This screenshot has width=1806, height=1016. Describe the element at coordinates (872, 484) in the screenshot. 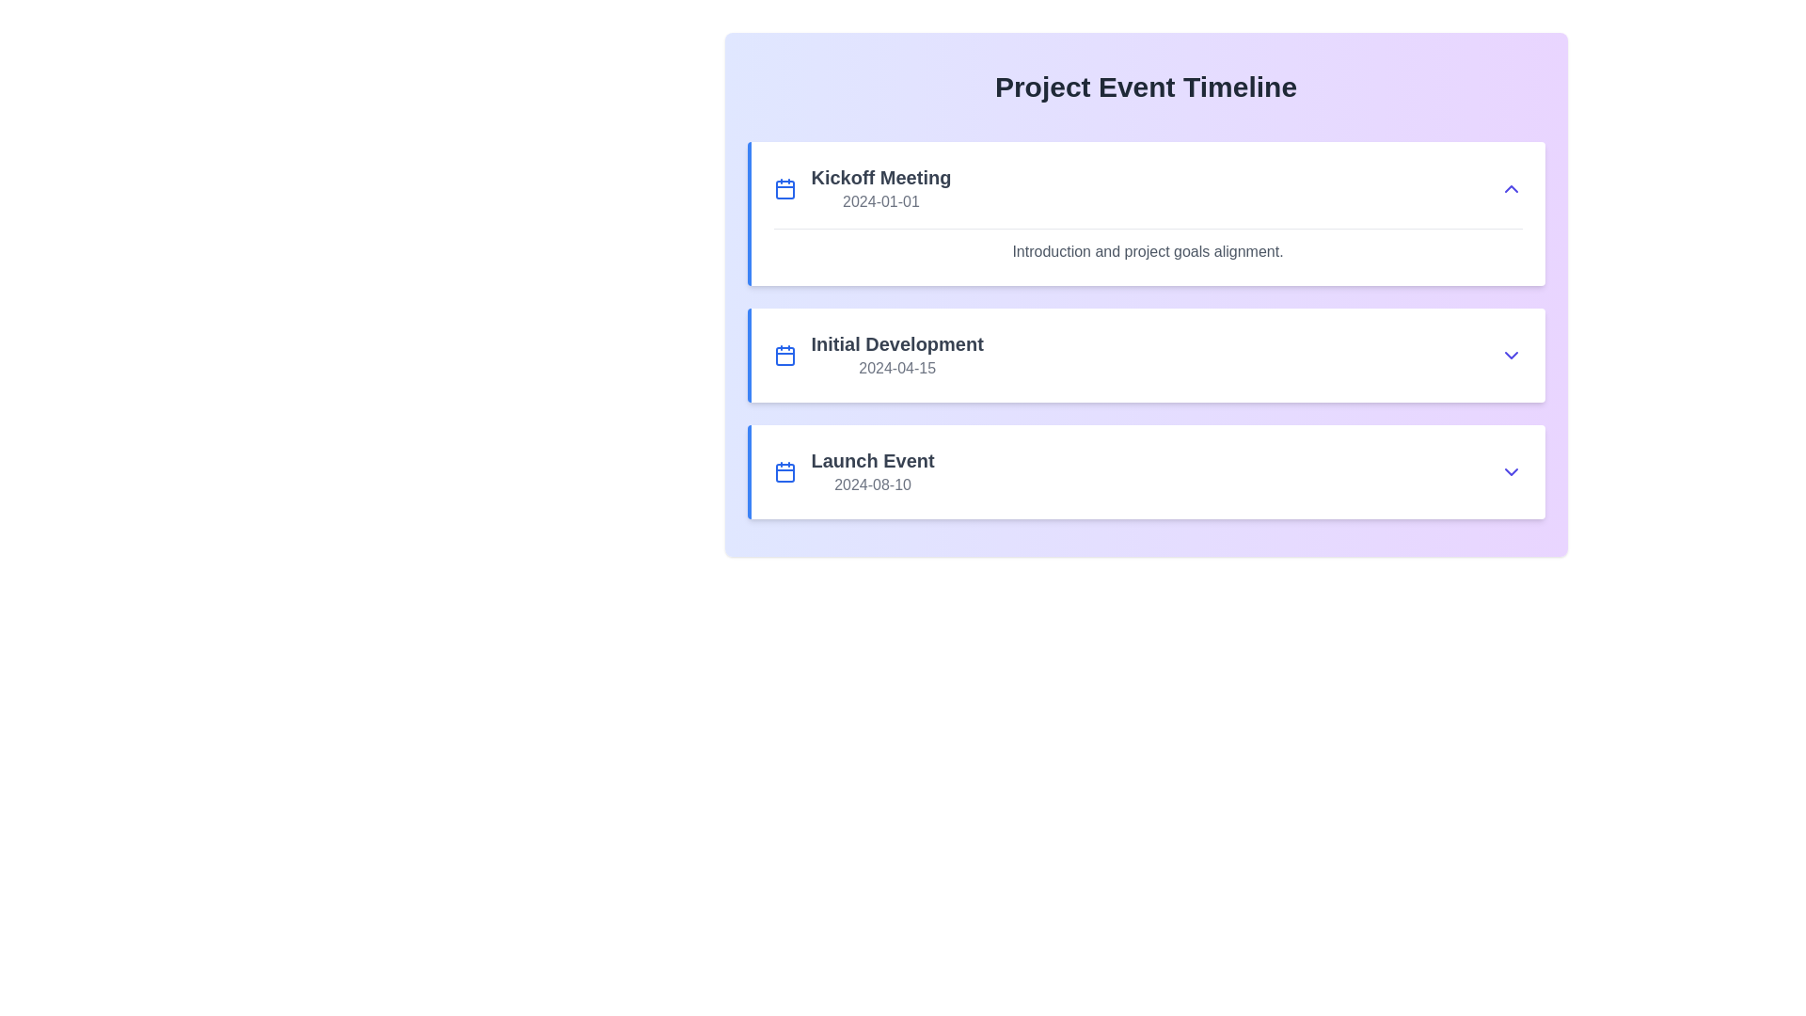

I see `the text label displaying the date '2024-08-10' in gray color, which is located below the bold title 'Launch Event' in the event timeline card` at that location.